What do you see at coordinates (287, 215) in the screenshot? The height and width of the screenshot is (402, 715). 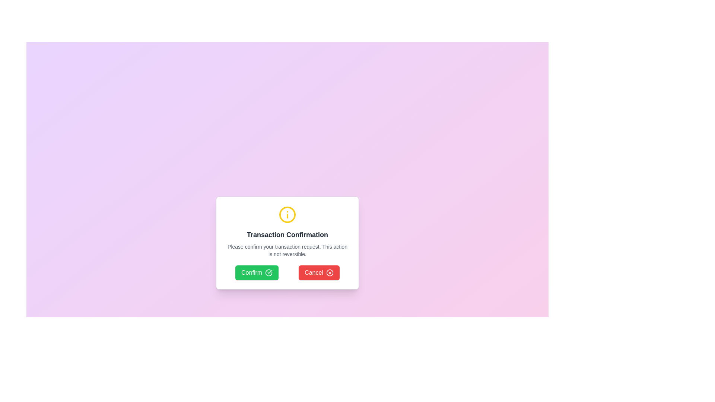 I see `attributes of the yellow circle icon located at the top center of the confirmation modal's icon area by clicking on it` at bounding box center [287, 215].